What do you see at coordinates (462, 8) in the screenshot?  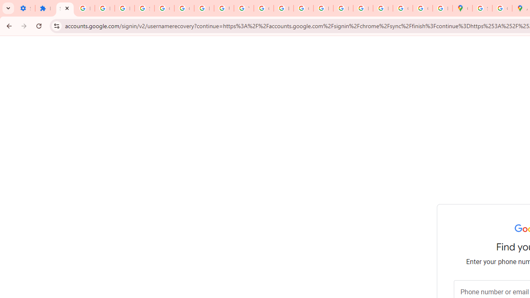 I see `'Google Maps'` at bounding box center [462, 8].